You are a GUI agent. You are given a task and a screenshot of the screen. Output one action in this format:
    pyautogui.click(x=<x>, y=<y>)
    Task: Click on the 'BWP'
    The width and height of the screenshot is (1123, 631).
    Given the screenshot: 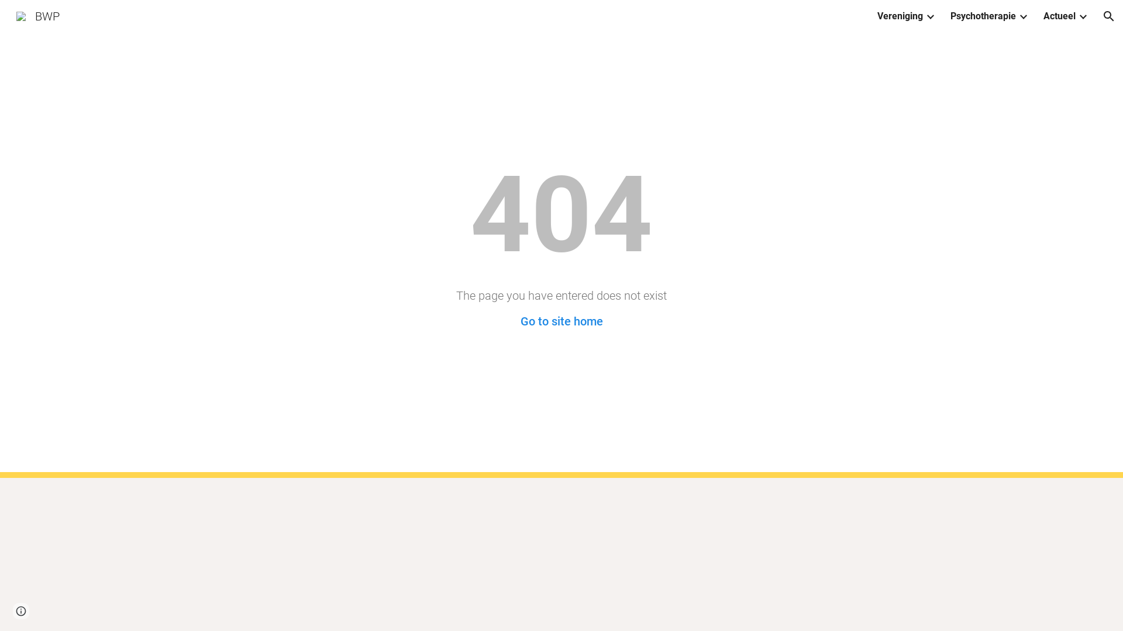 What is the action you would take?
    pyautogui.click(x=38, y=15)
    